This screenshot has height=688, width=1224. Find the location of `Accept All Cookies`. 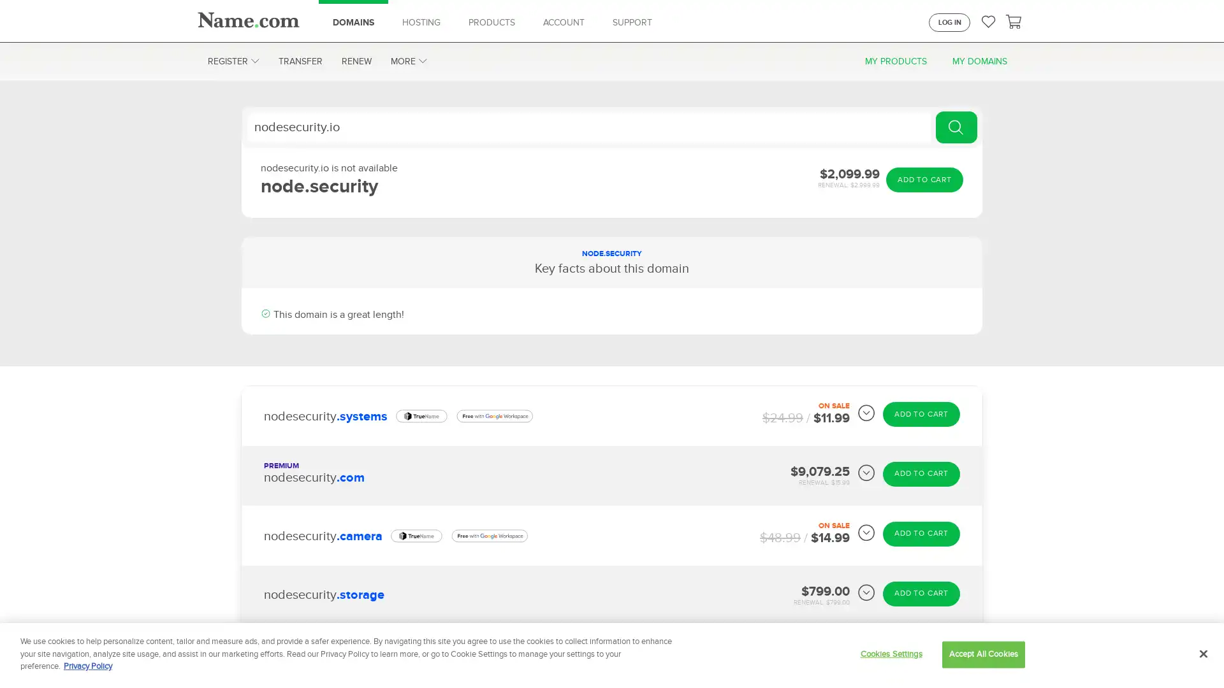

Accept All Cookies is located at coordinates (982, 654).